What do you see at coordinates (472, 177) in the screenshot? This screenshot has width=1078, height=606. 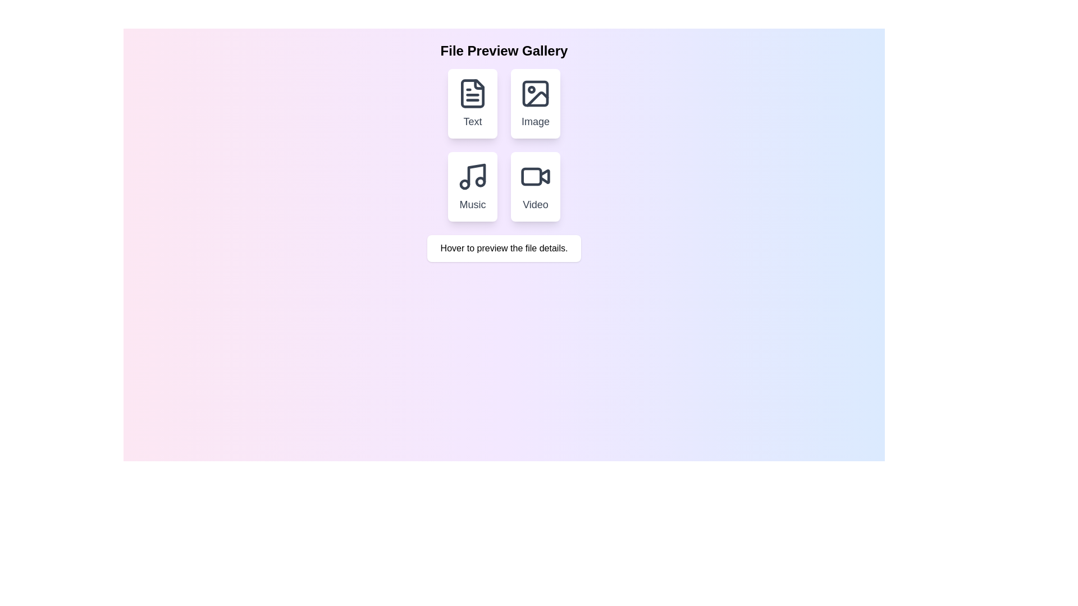 I see `the 'Music' icon located at the top of its card in the grid of file types` at bounding box center [472, 177].